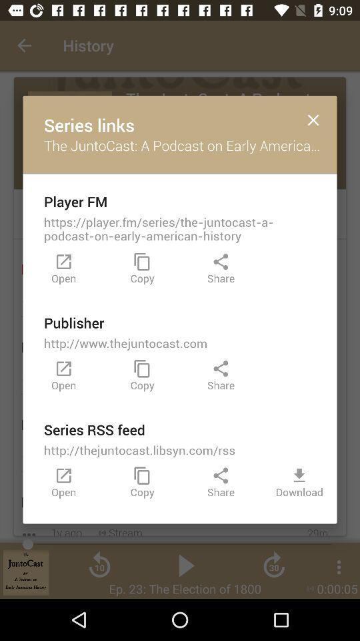  I want to click on icon to the right of the series links, so click(313, 119).